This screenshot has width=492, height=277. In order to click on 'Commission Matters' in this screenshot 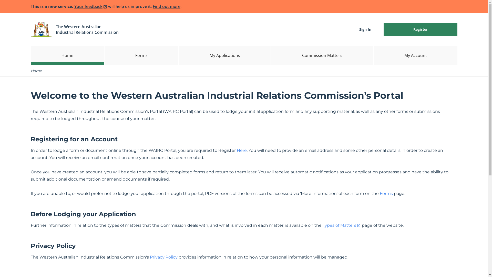, I will do `click(322, 55)`.